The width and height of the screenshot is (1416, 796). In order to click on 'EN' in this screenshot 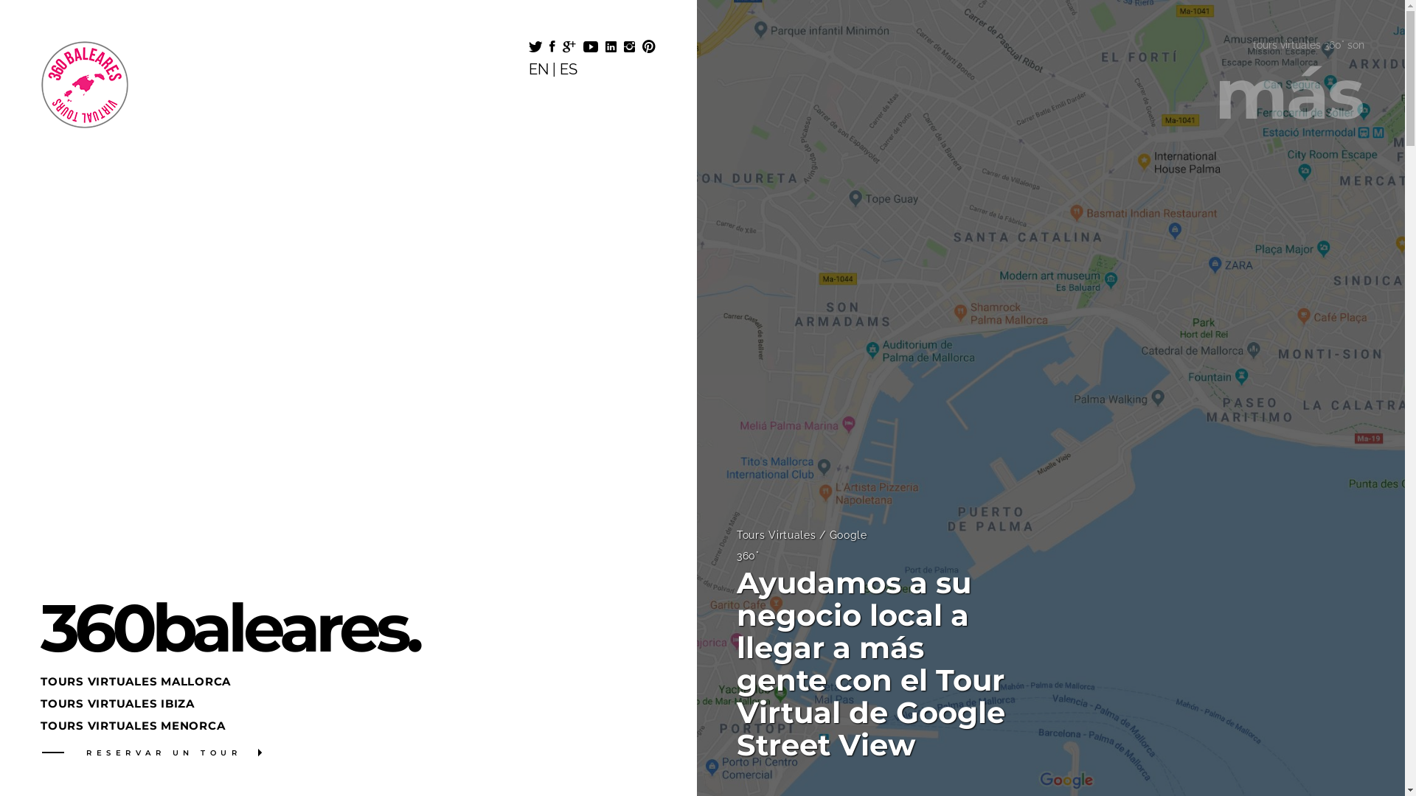, I will do `click(537, 69)`.